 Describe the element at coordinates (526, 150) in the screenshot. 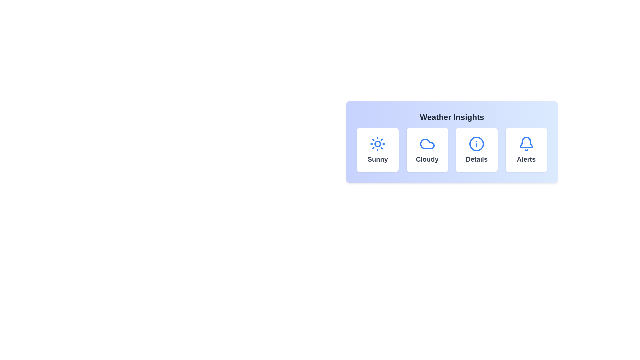

I see `the fourth card in the 'Weather Insights' section` at that location.